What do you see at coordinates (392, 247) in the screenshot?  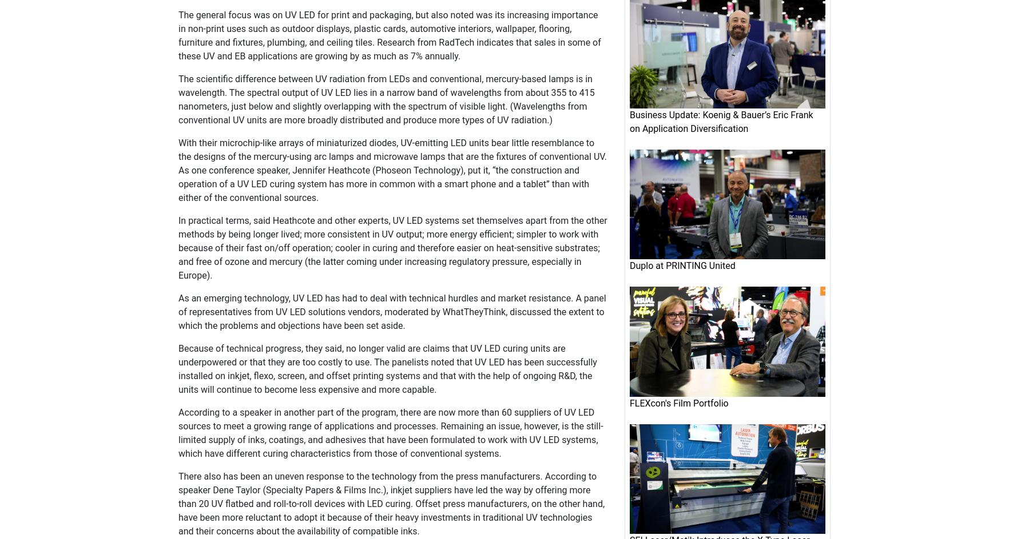 I see `'In practical terms, said Heathcote and other experts, UV LED systems set themselves apart from the other methods by being longer lived; more consistent in UV output; more energy efficient; simpler to work with because of their fast on/off operation; cooler in curing and therefore easier on heat-sensitive substrates; and free of ozone and mercury (the latter coming under increasing regulatory pressure, especially in Europe).'` at bounding box center [392, 247].